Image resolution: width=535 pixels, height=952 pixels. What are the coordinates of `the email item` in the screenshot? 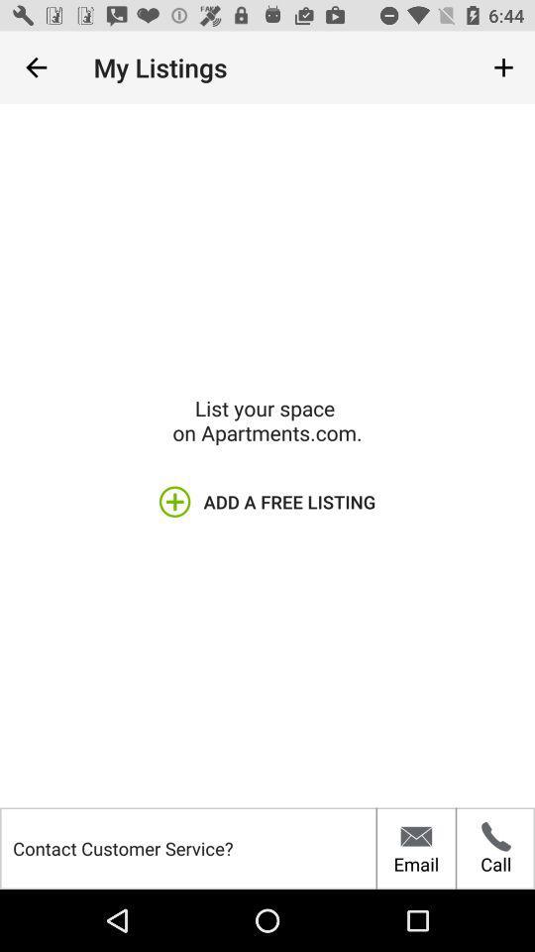 It's located at (415, 847).